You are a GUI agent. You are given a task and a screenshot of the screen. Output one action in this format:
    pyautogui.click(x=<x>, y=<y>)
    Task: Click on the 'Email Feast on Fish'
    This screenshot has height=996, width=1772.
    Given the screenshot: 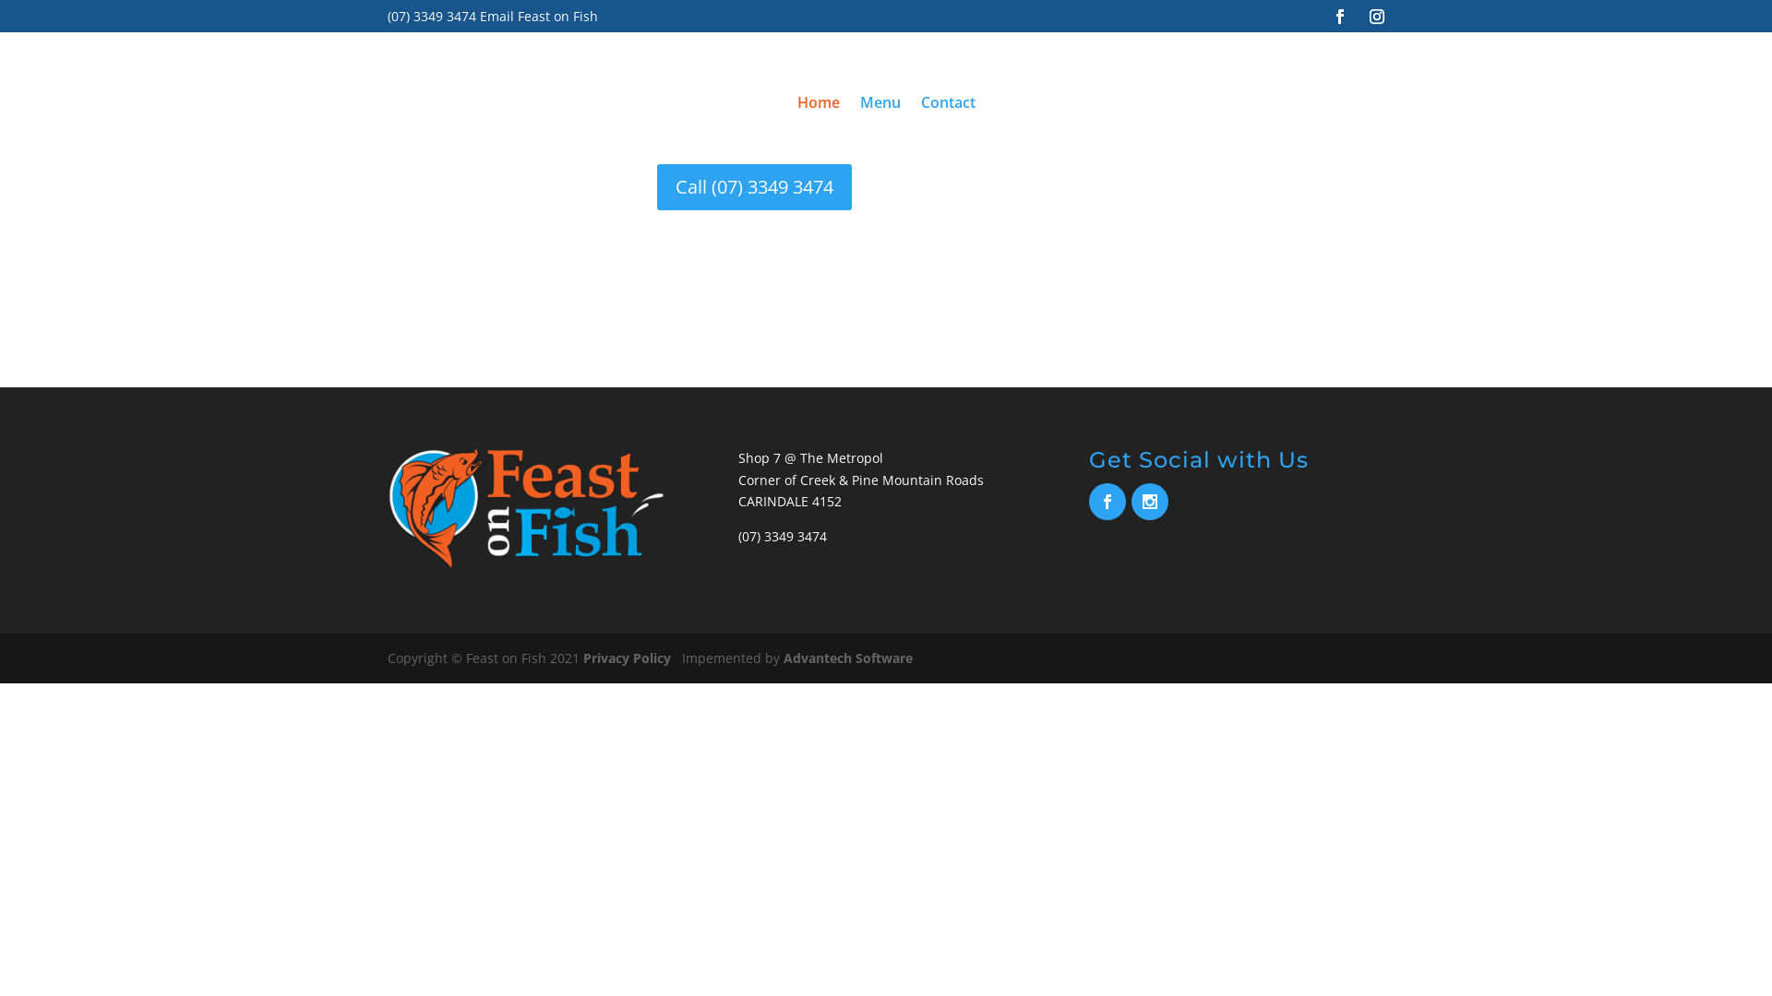 What is the action you would take?
    pyautogui.click(x=479, y=16)
    